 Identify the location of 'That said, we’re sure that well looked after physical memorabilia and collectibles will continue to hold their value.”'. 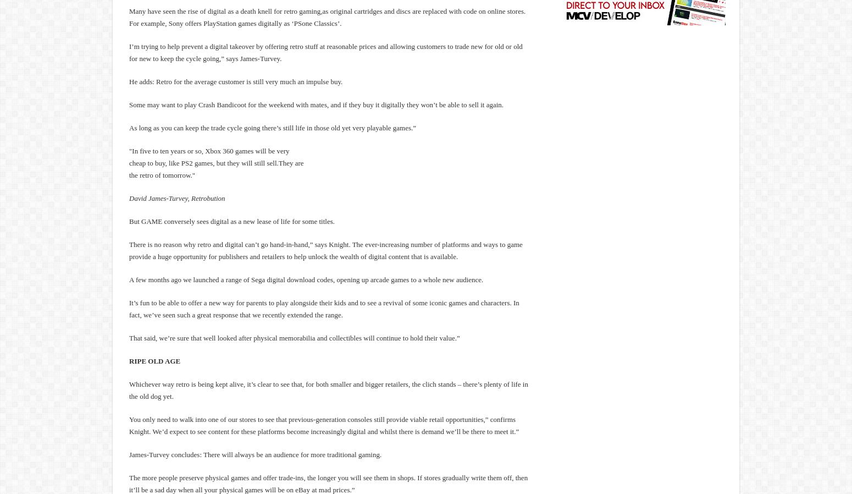
(294, 337).